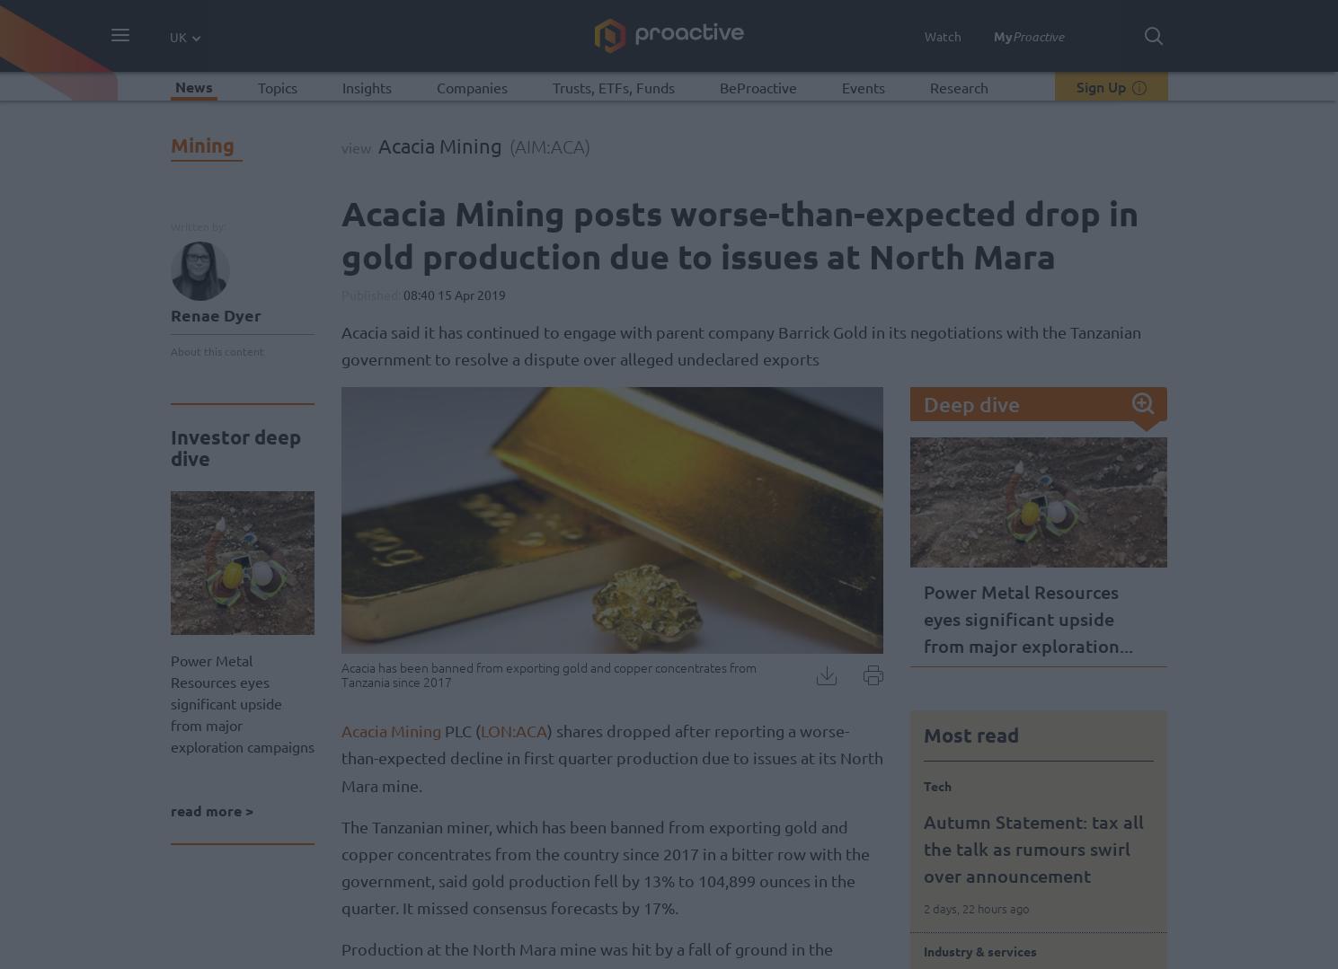 This screenshot has width=1338, height=969. I want to click on ')', so click(585, 145).